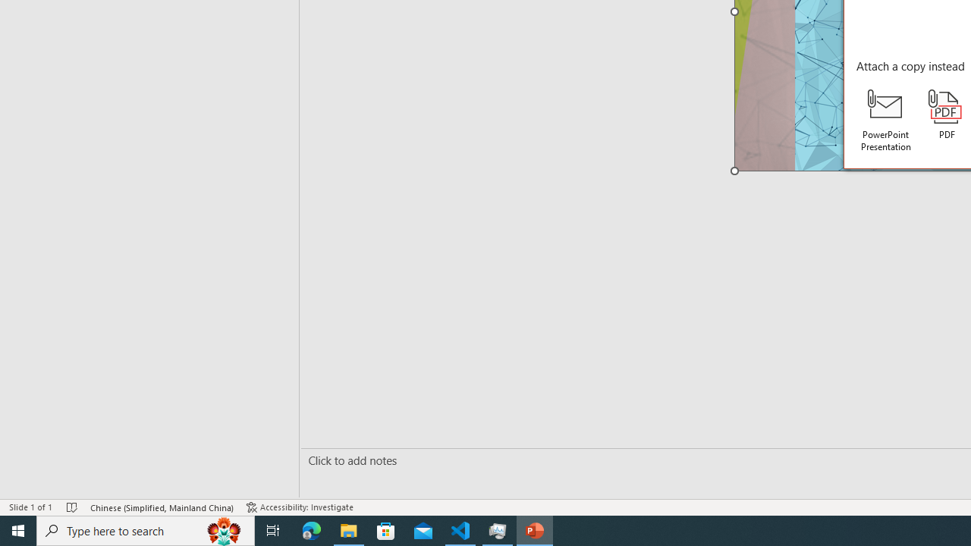 The image size is (971, 546). Describe the element at coordinates (498, 529) in the screenshot. I see `'Task Manager - 1 running window'` at that location.